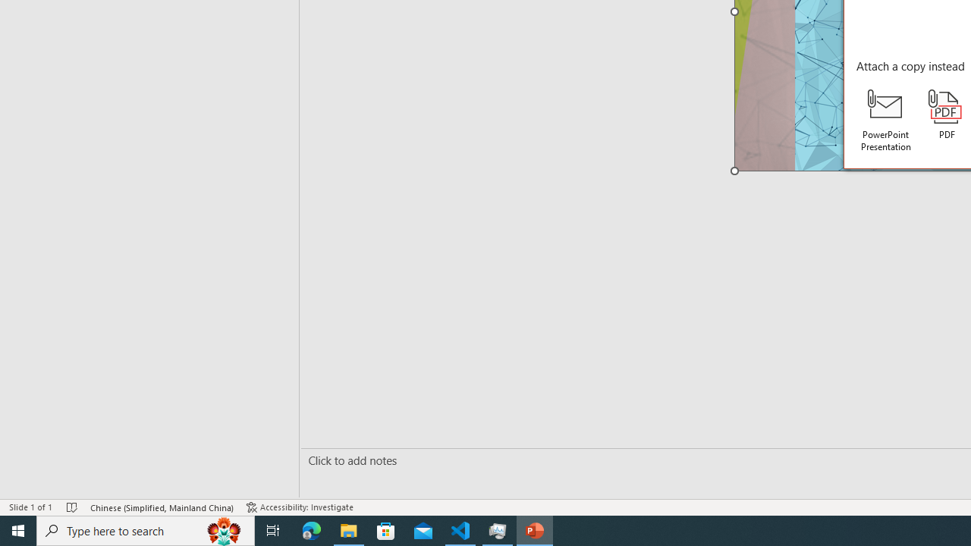 The image size is (971, 546). Describe the element at coordinates (498, 529) in the screenshot. I see `'Task Manager - 1 running window'` at that location.